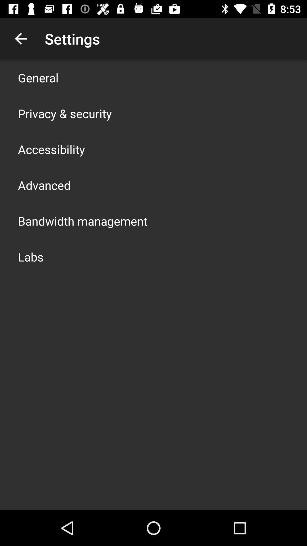 The width and height of the screenshot is (307, 546). What do you see at coordinates (51, 149) in the screenshot?
I see `the accessibility item` at bounding box center [51, 149].